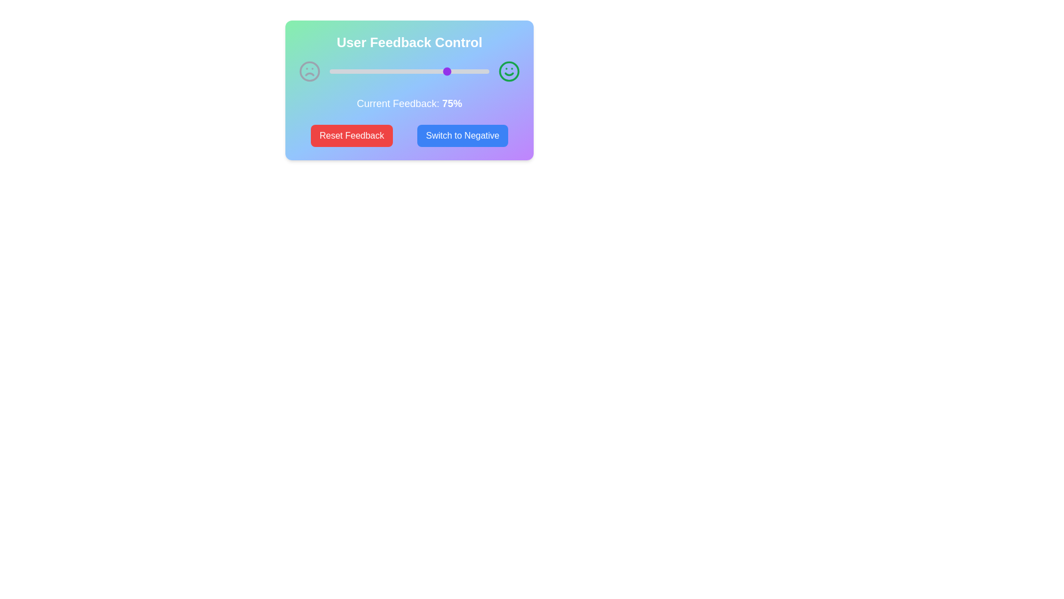 Image resolution: width=1064 pixels, height=599 pixels. What do you see at coordinates (339, 71) in the screenshot?
I see `the feedback slider to set the feedback percentage to 6` at bounding box center [339, 71].